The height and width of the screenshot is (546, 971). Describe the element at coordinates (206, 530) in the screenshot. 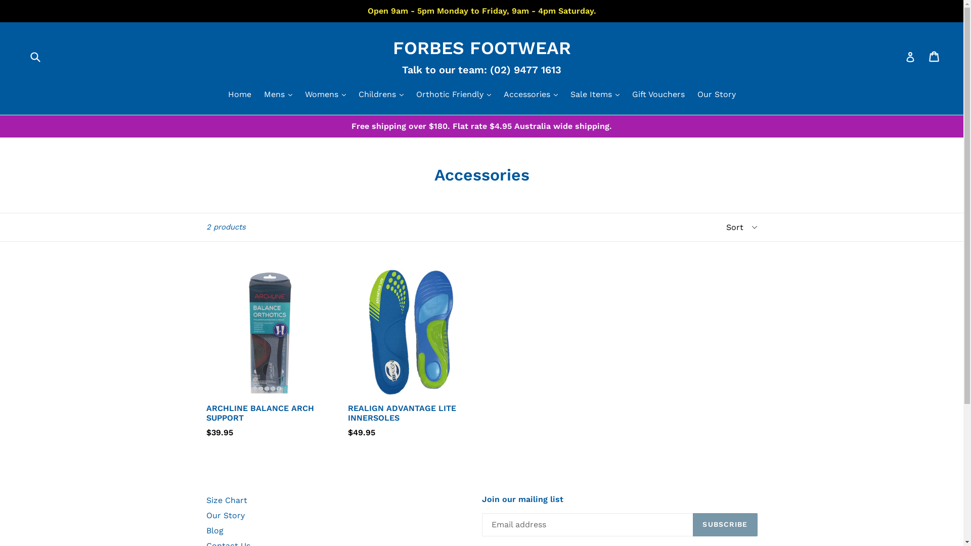

I see `'Blog'` at that location.